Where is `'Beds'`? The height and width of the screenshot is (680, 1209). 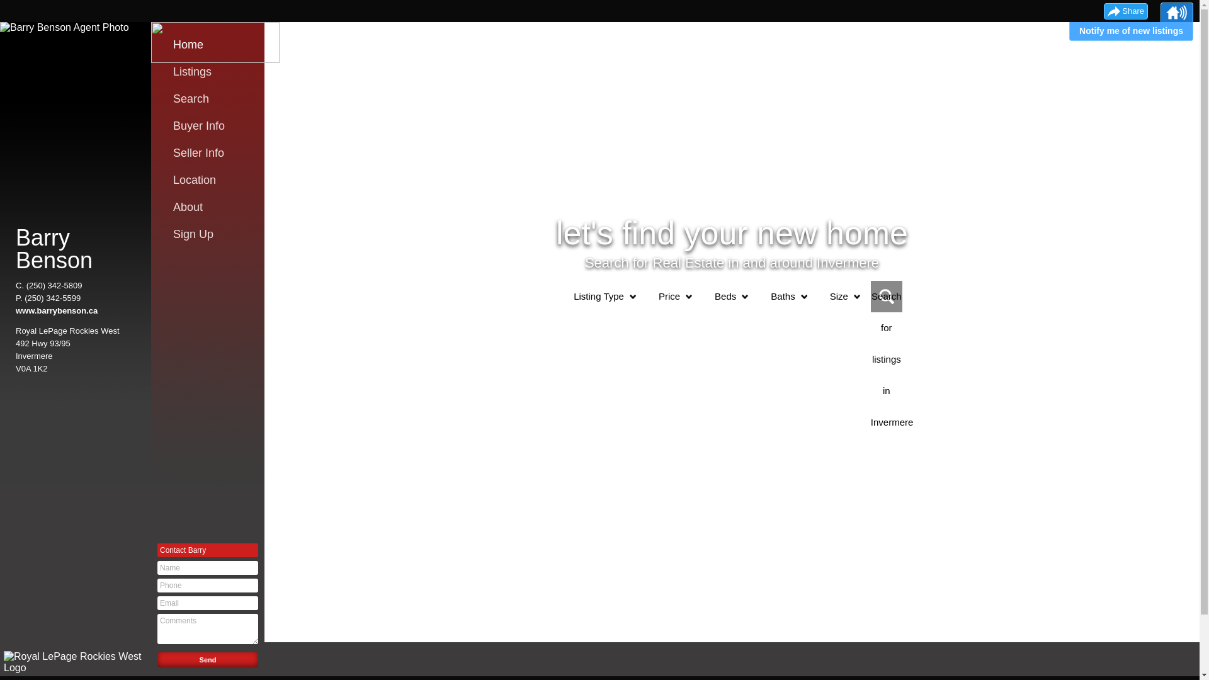
'Beds' is located at coordinates (702, 296).